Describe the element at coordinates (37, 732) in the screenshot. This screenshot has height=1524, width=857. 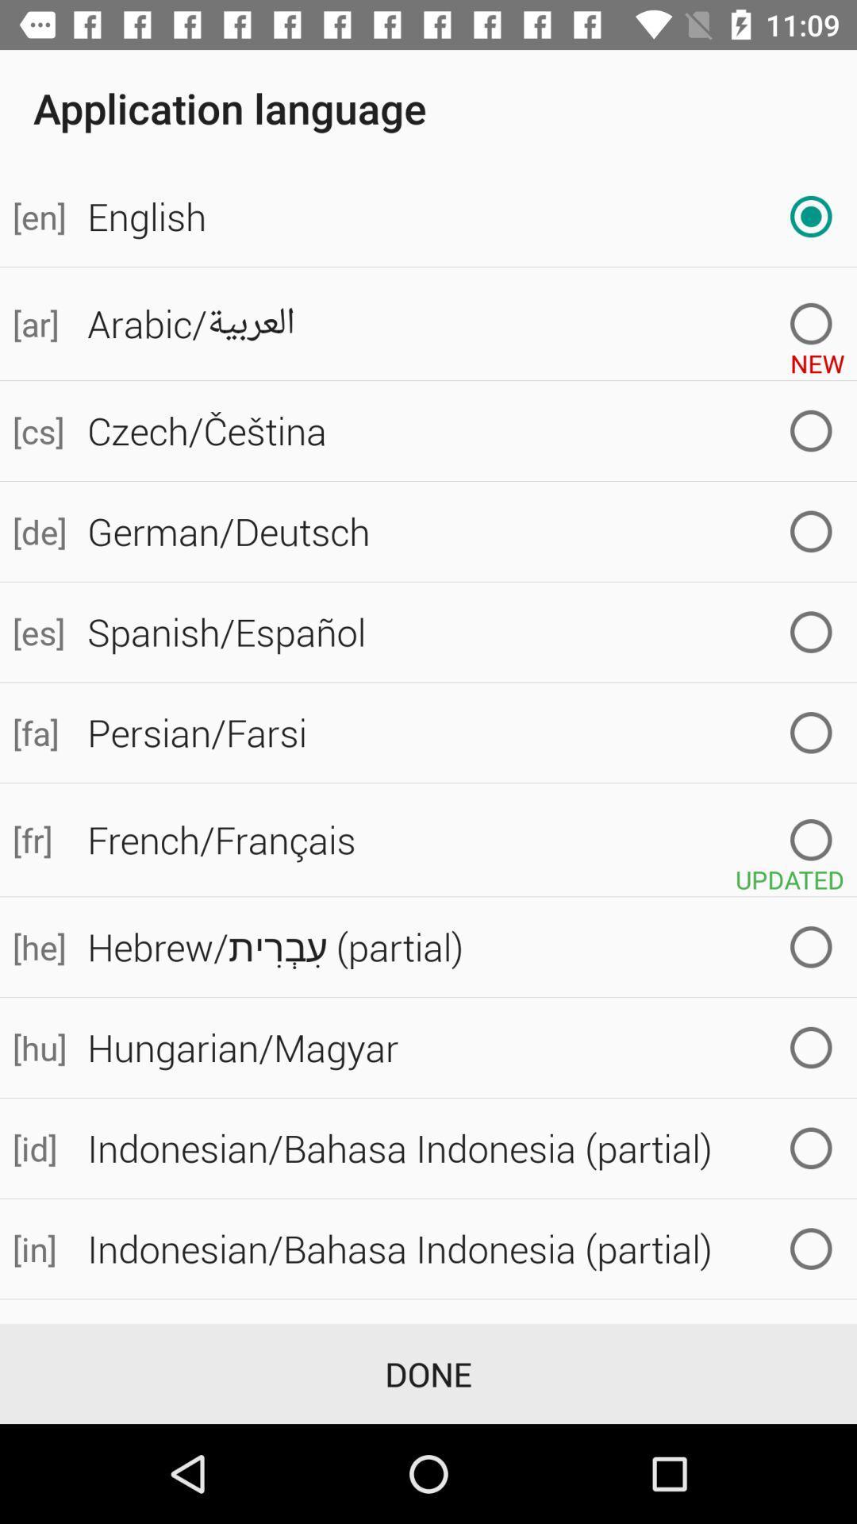
I see `item next to the persian/farsi item` at that location.